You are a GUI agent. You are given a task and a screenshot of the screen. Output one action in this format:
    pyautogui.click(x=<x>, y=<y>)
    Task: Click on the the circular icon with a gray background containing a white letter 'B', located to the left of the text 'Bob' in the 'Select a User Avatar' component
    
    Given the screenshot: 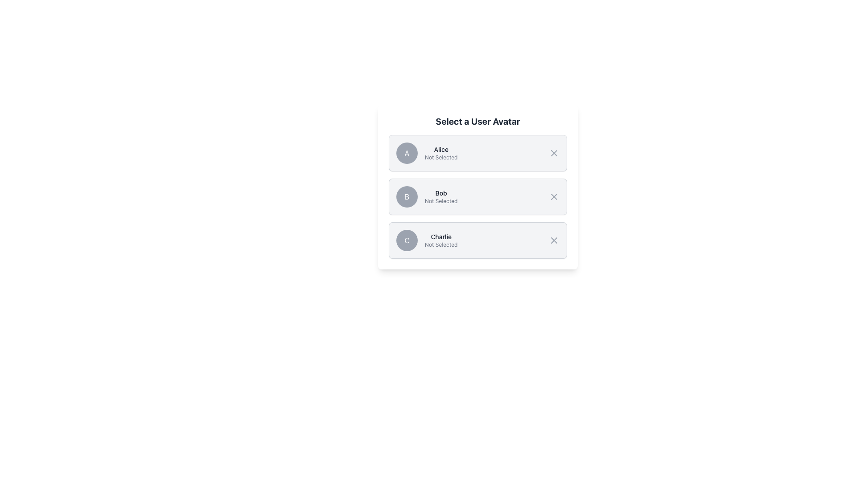 What is the action you would take?
    pyautogui.click(x=406, y=196)
    